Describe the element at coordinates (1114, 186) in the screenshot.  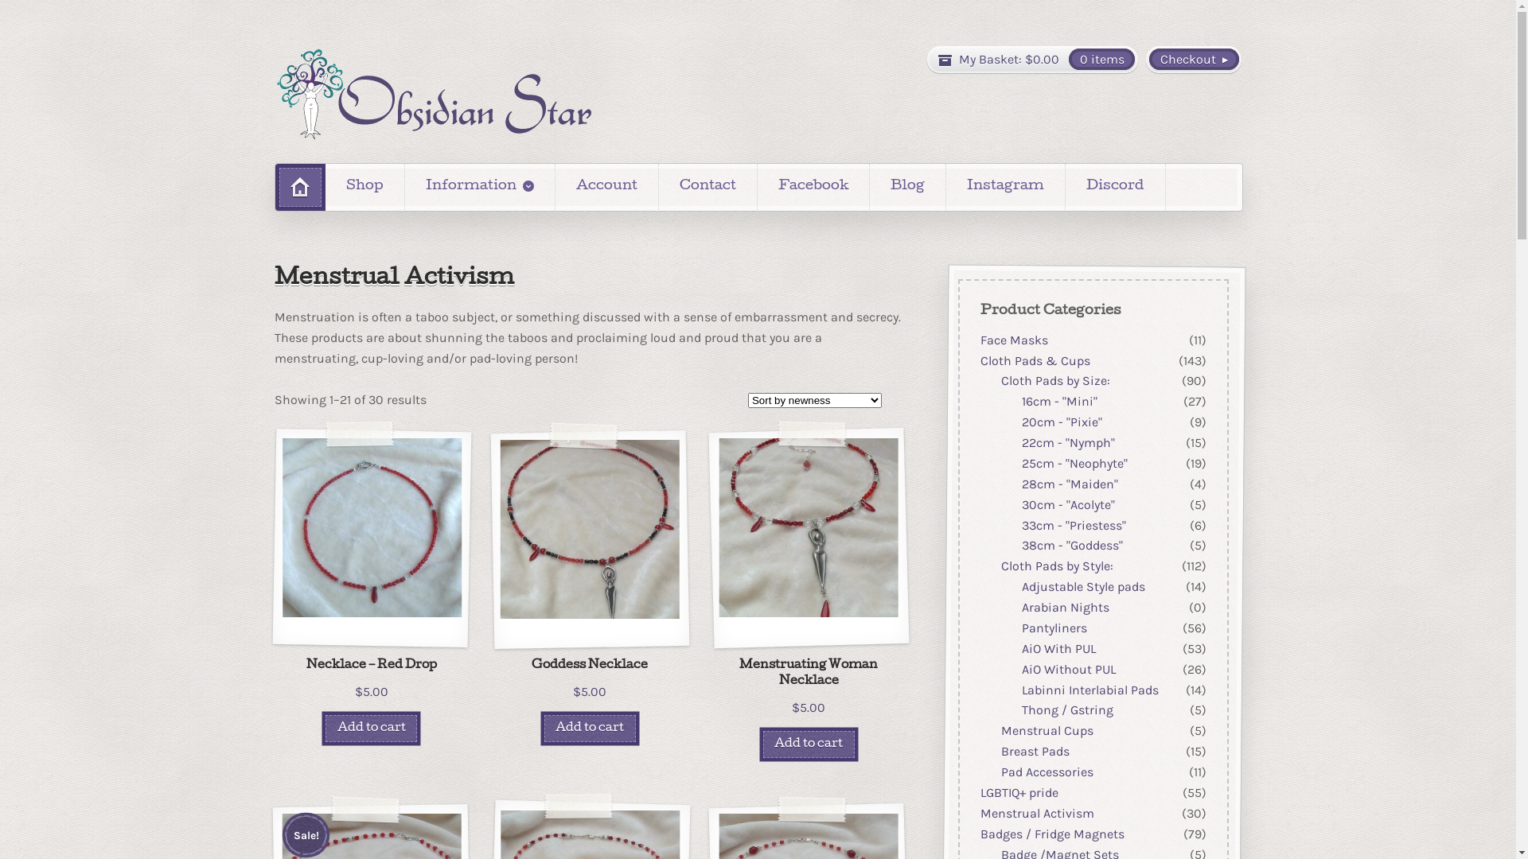
I see `'Discord'` at that location.